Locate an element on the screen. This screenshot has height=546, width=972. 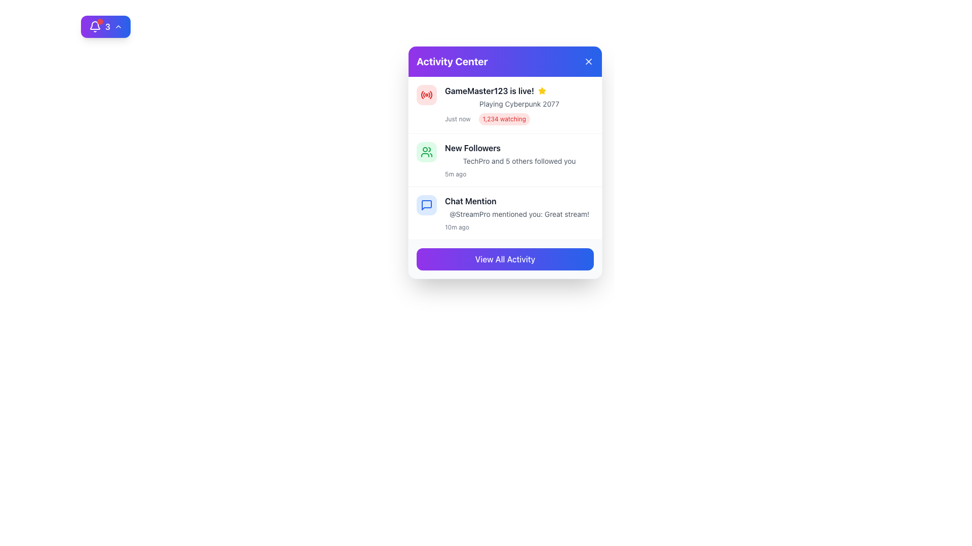
the small, non-interactive diagonal cross icon located in the top-right corner of the purple header of the 'Activity Center' card is located at coordinates (588, 62).